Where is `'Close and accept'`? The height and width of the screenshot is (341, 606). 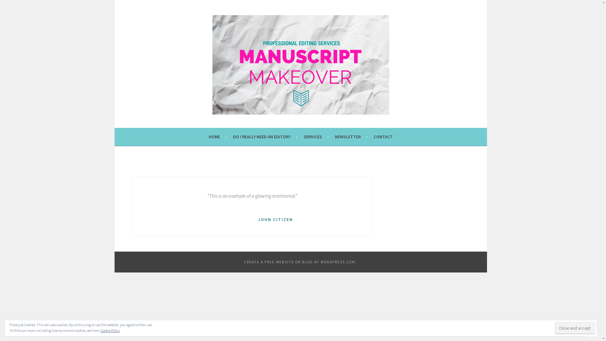 'Close and accept' is located at coordinates (574, 328).